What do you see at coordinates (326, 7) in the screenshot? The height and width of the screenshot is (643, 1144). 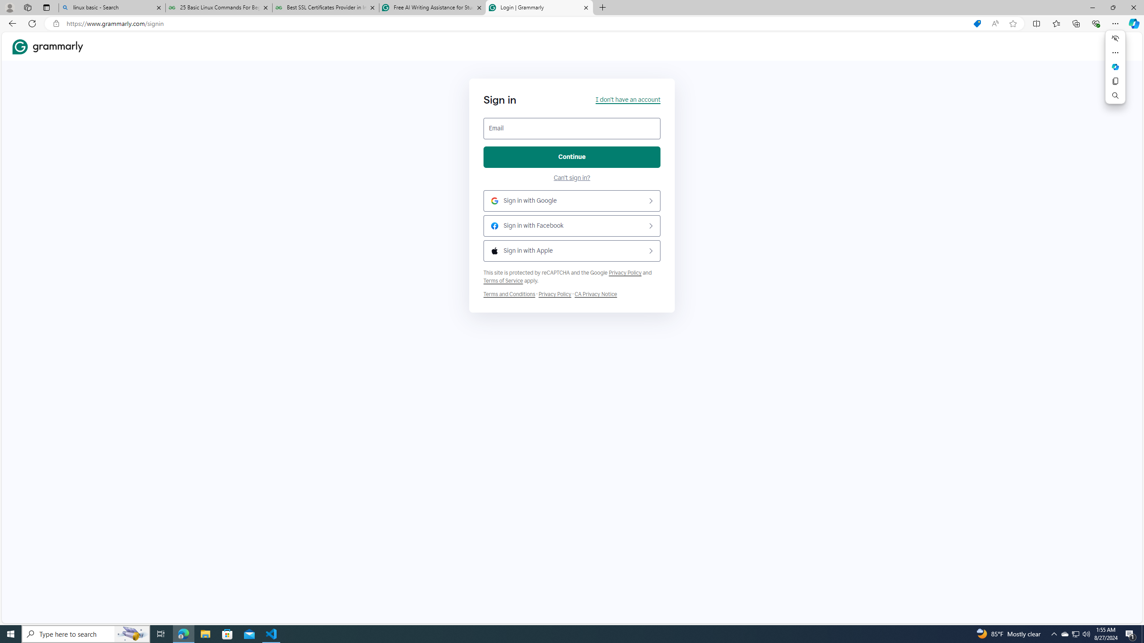 I see `'Best SSL Certificates Provider in India - GeeksforGeeks'` at bounding box center [326, 7].